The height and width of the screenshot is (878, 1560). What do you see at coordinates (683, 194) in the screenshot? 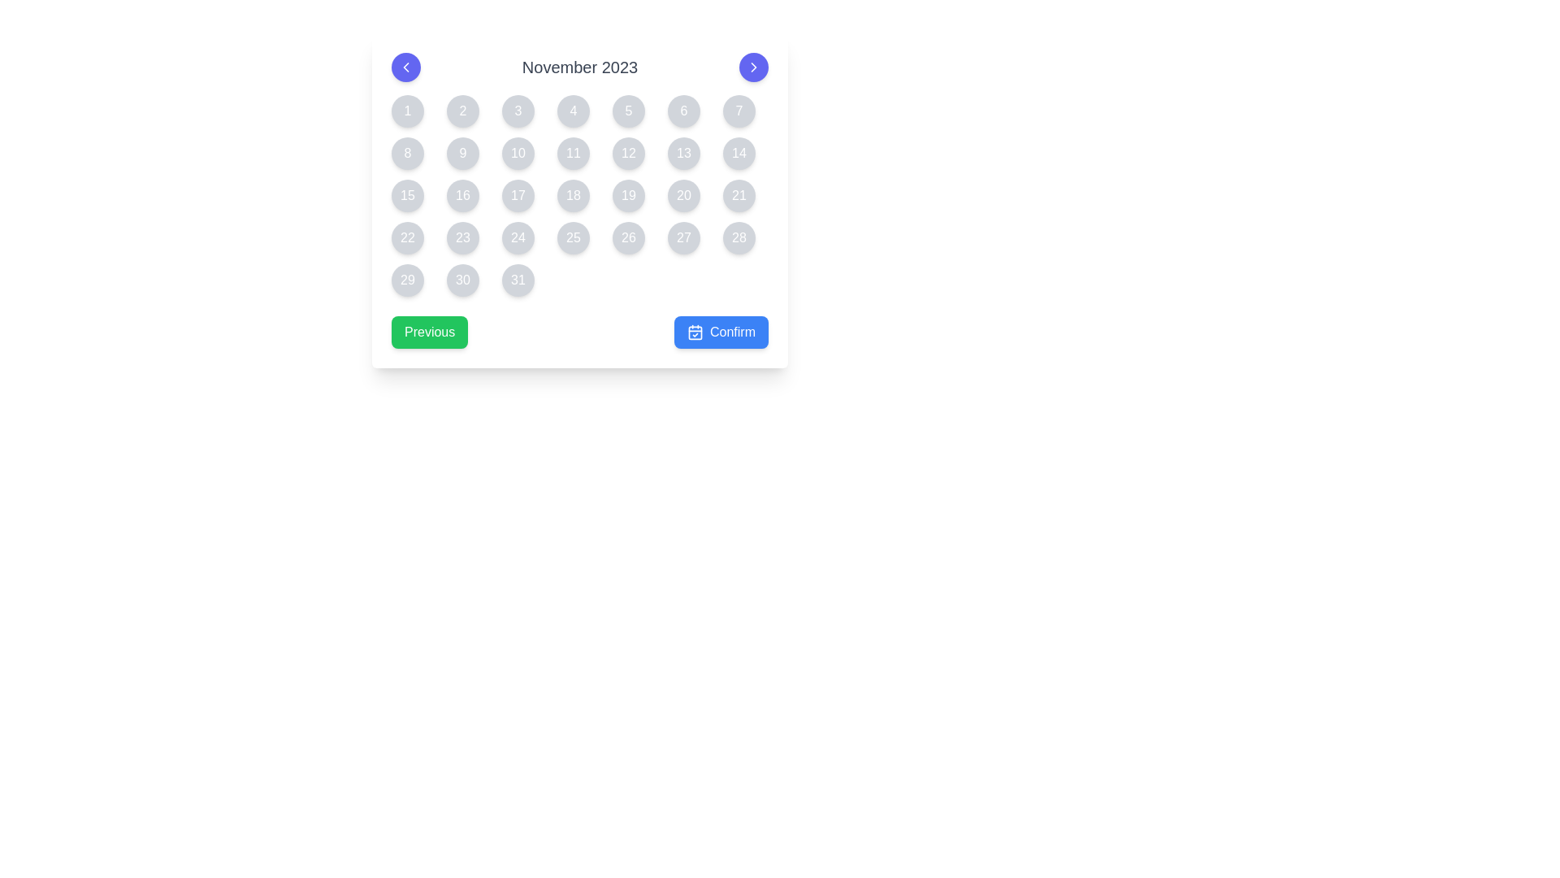
I see `the button representing the 20th day of November 2023 in the calendar interface to change its background color` at bounding box center [683, 194].